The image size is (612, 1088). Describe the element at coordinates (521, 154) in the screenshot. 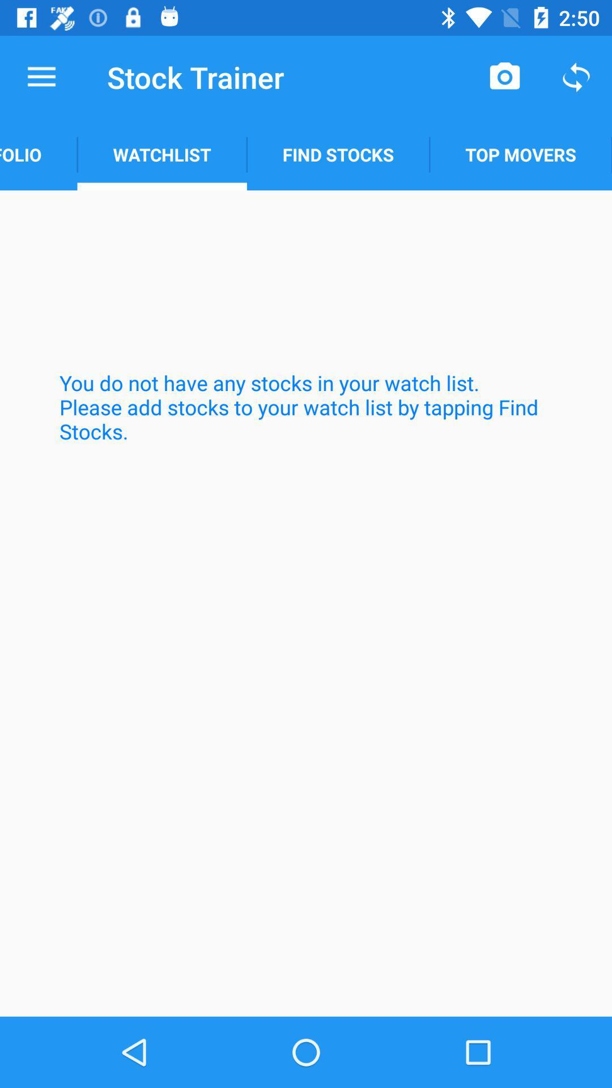

I see `the top movers app` at that location.